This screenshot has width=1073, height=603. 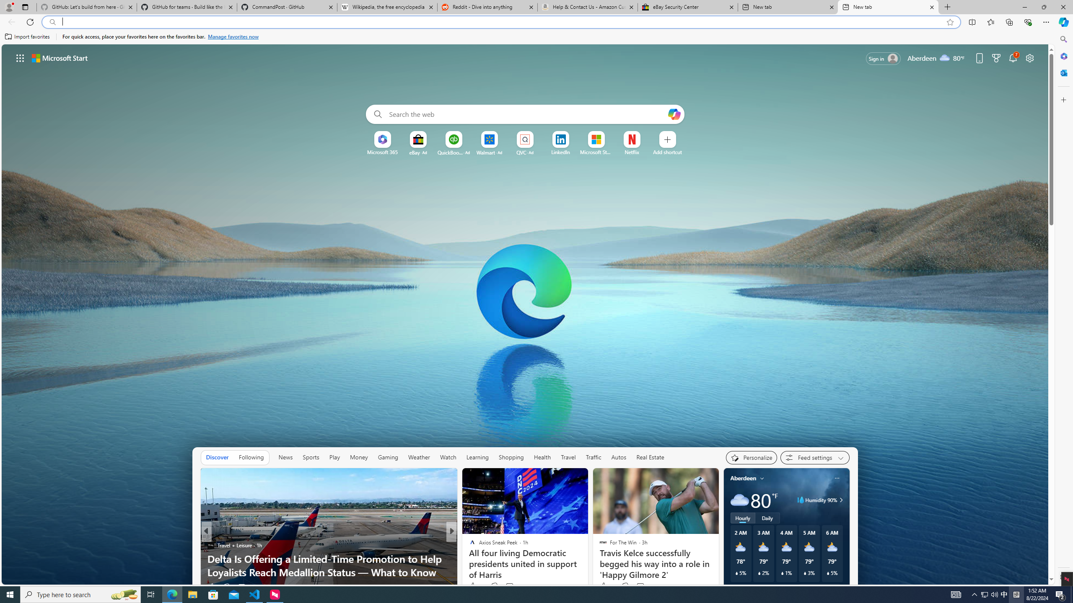 What do you see at coordinates (513, 587) in the screenshot?
I see `'View comments 31 Comment'` at bounding box center [513, 587].